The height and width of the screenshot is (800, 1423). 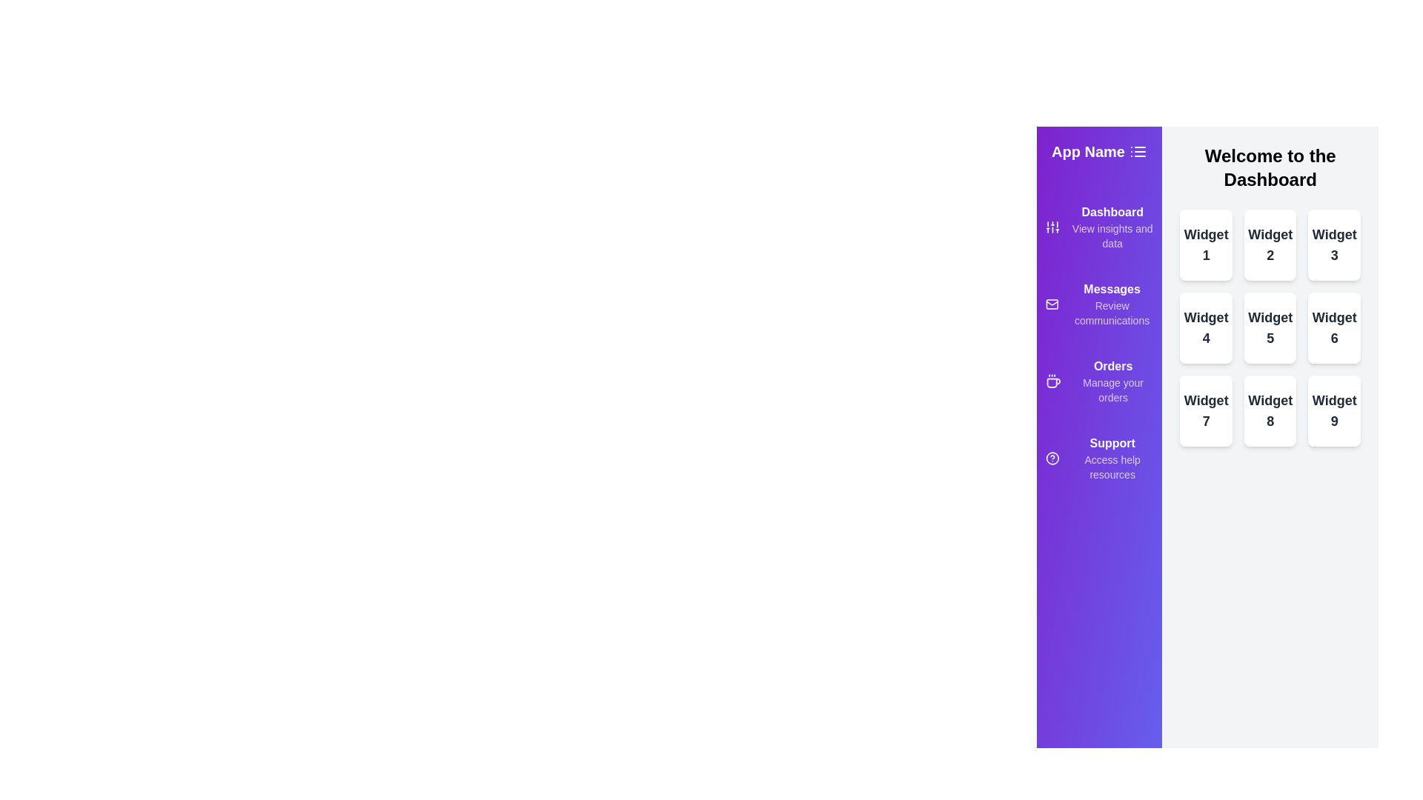 I want to click on the menu item Orders, so click(x=1099, y=381).